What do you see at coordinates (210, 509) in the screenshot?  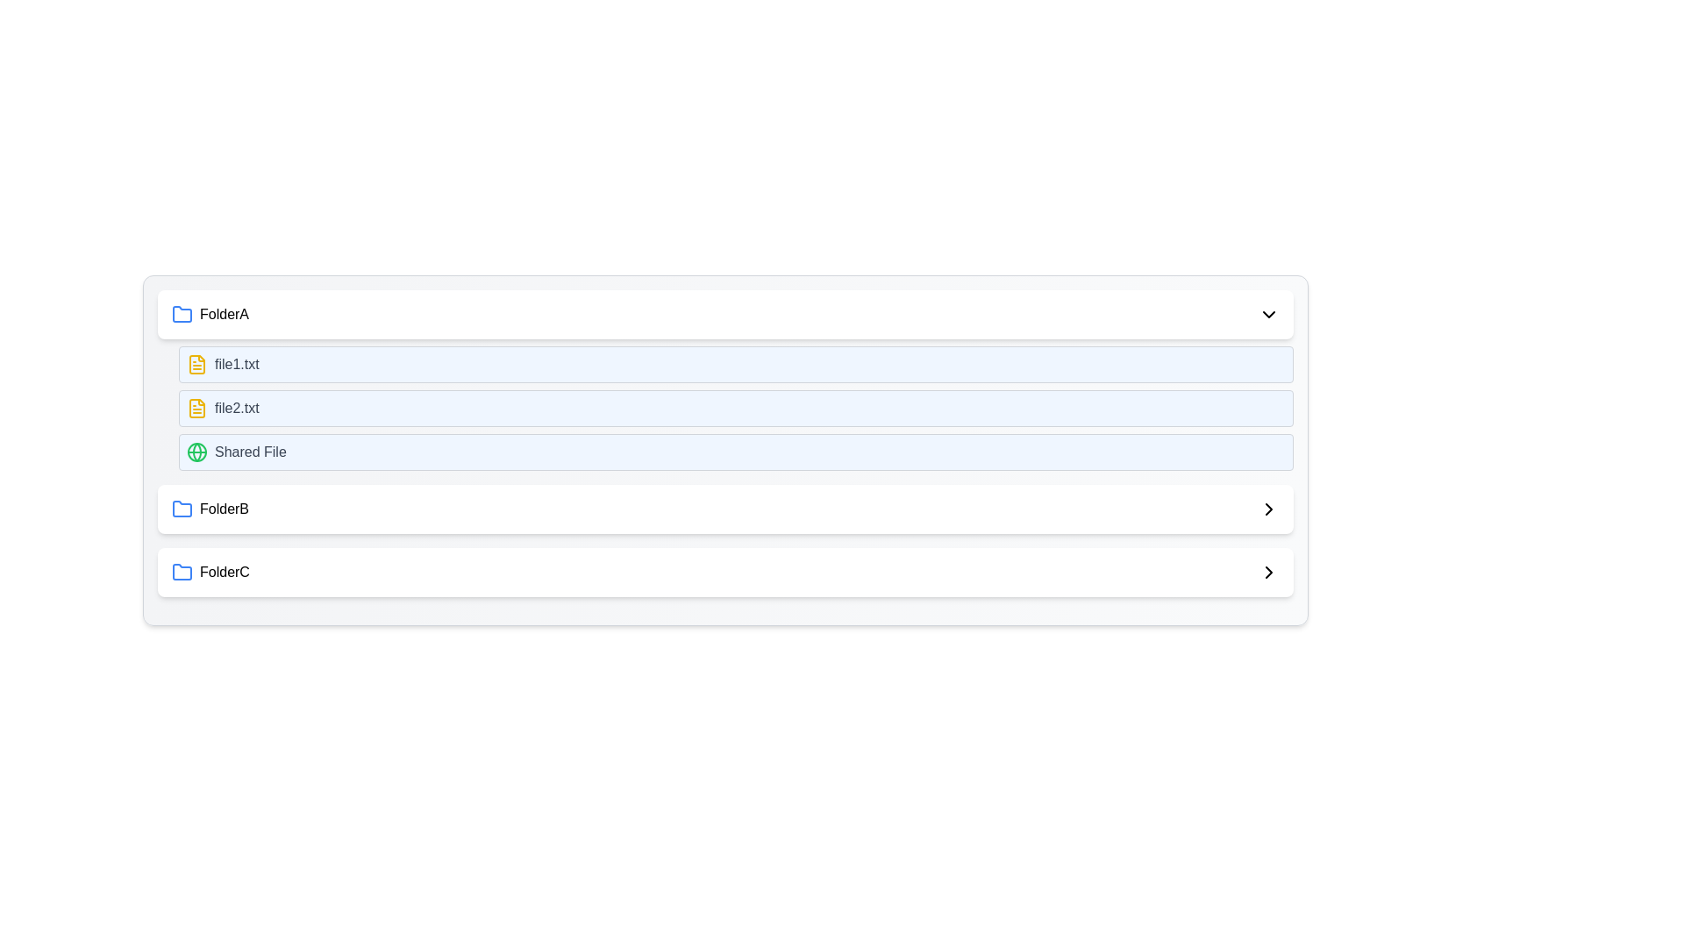 I see `the folder item named 'FolderB'` at bounding box center [210, 509].